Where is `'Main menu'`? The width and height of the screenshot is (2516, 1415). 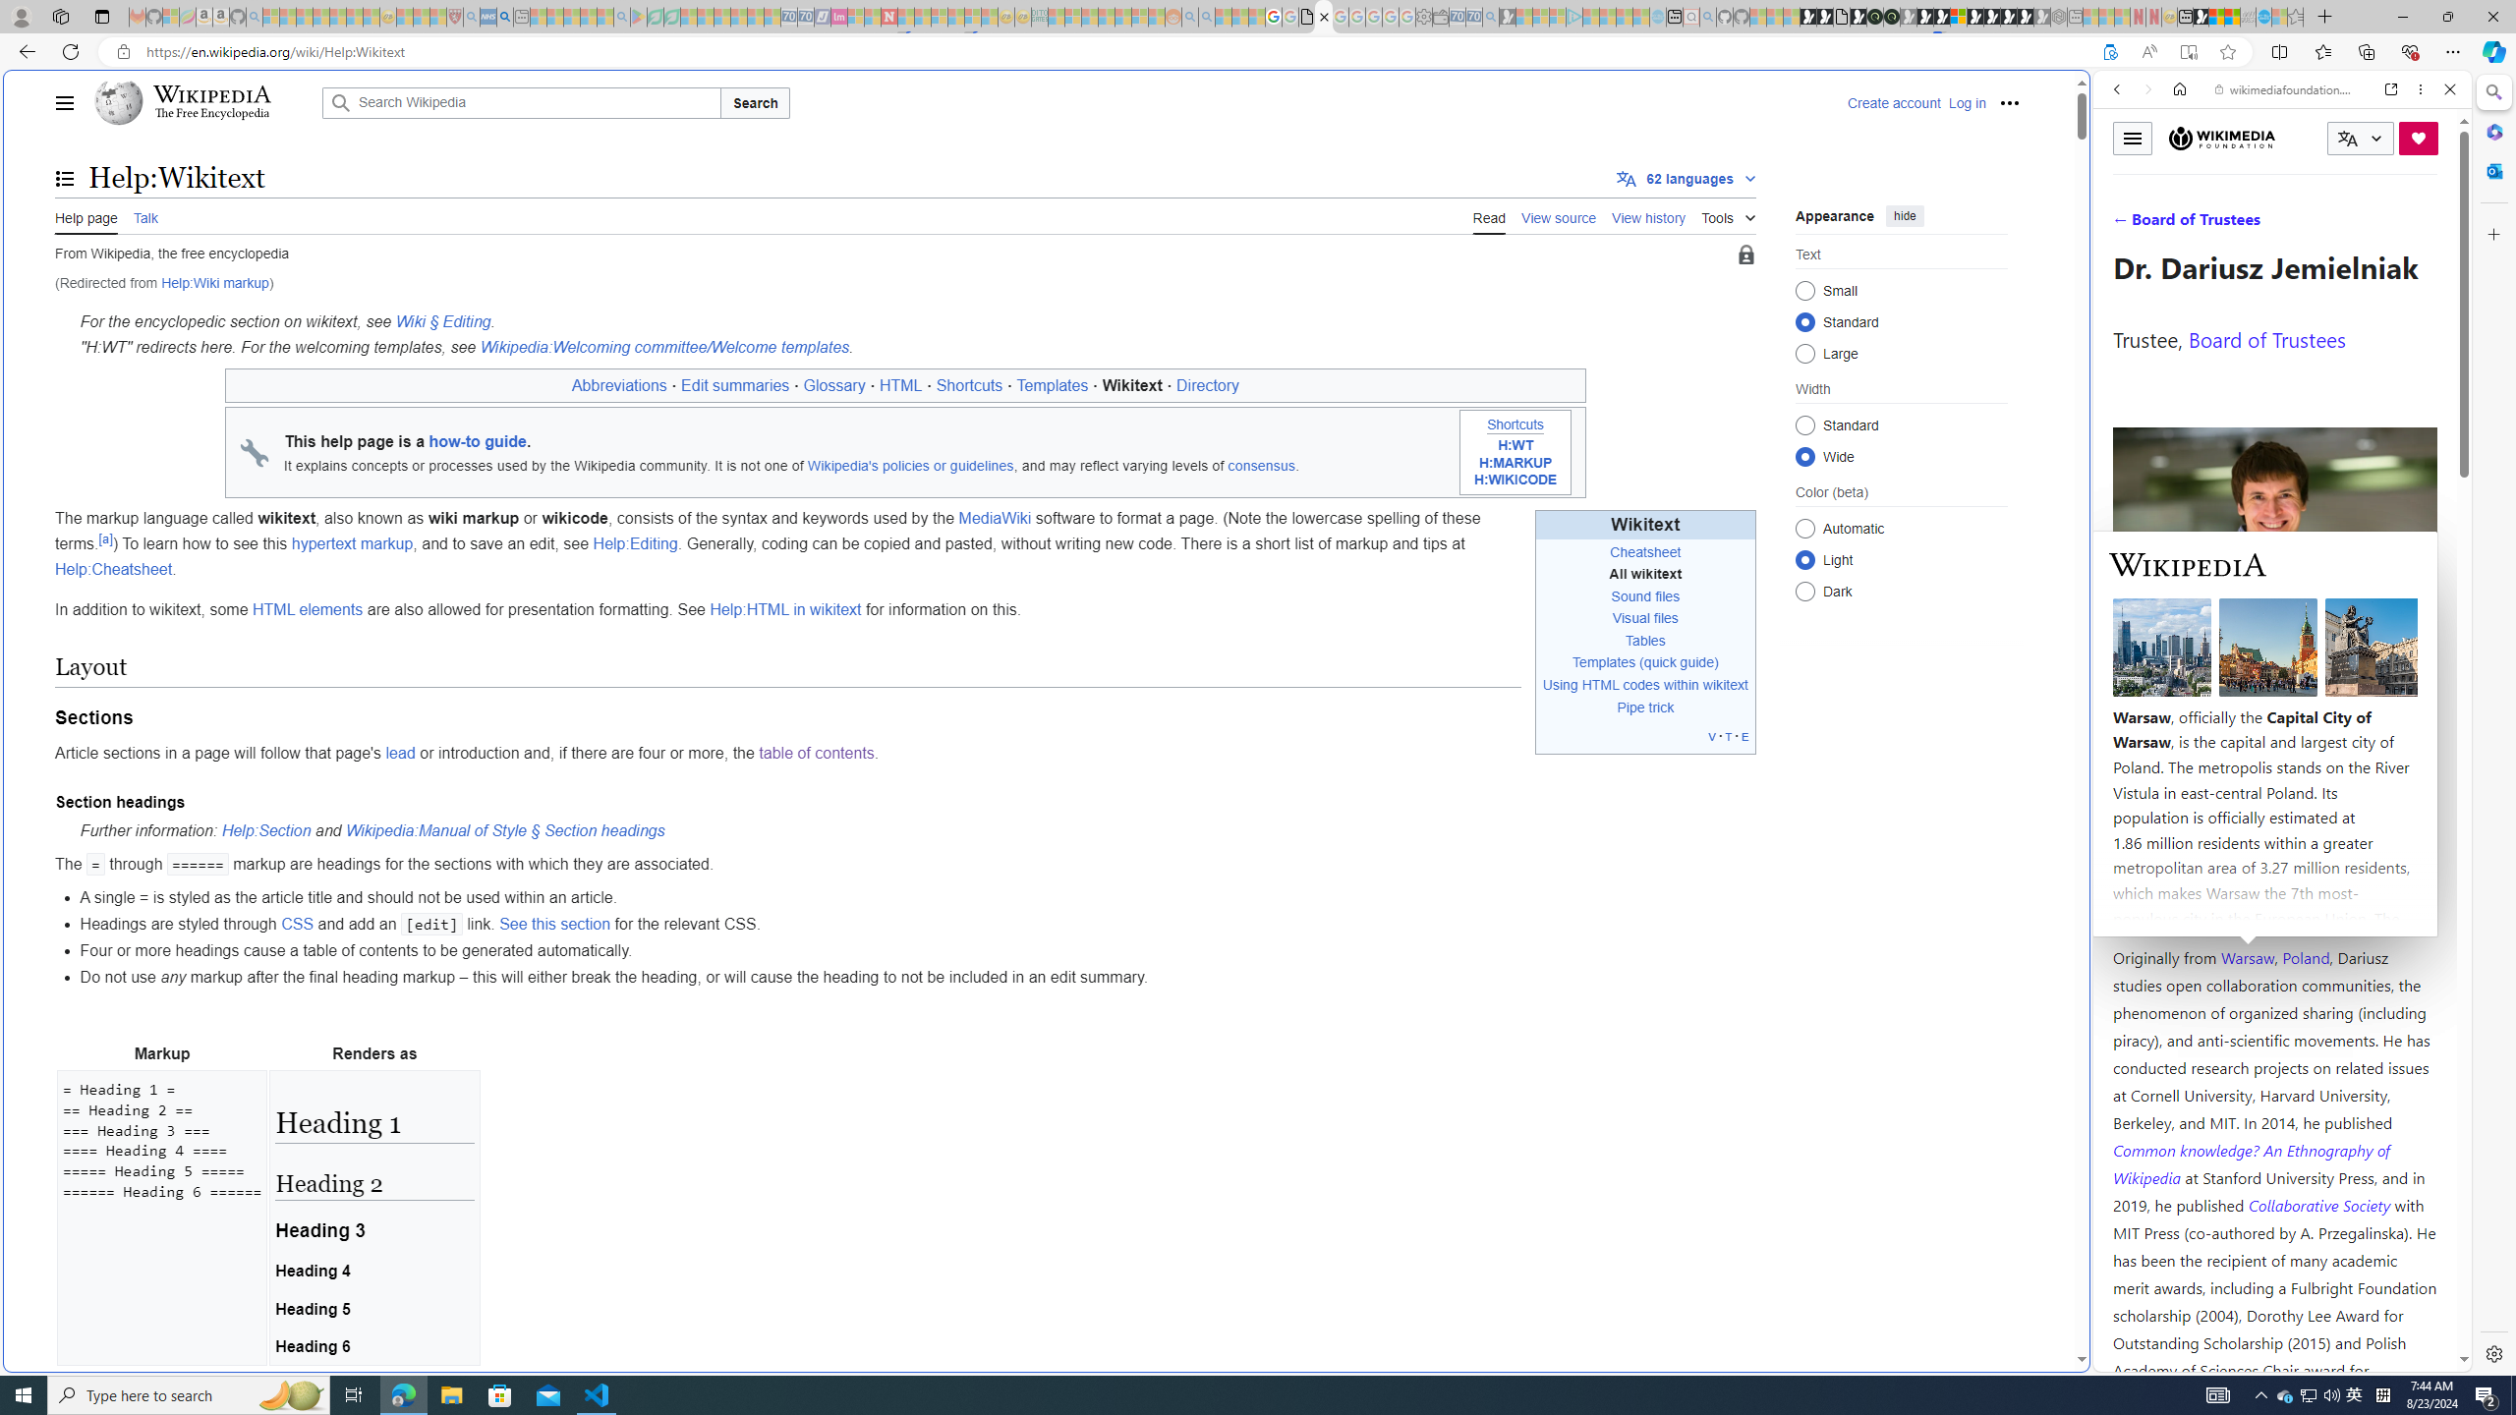
'Main menu' is located at coordinates (64, 102).